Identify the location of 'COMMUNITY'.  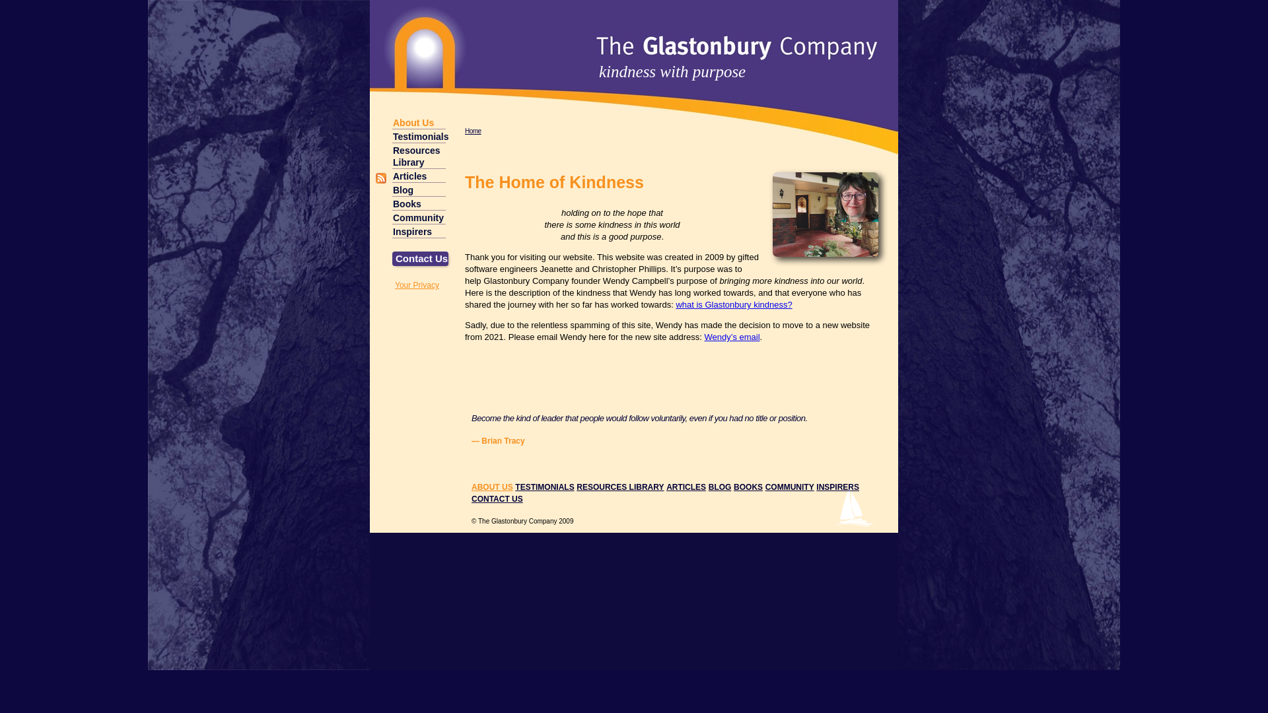
(789, 487).